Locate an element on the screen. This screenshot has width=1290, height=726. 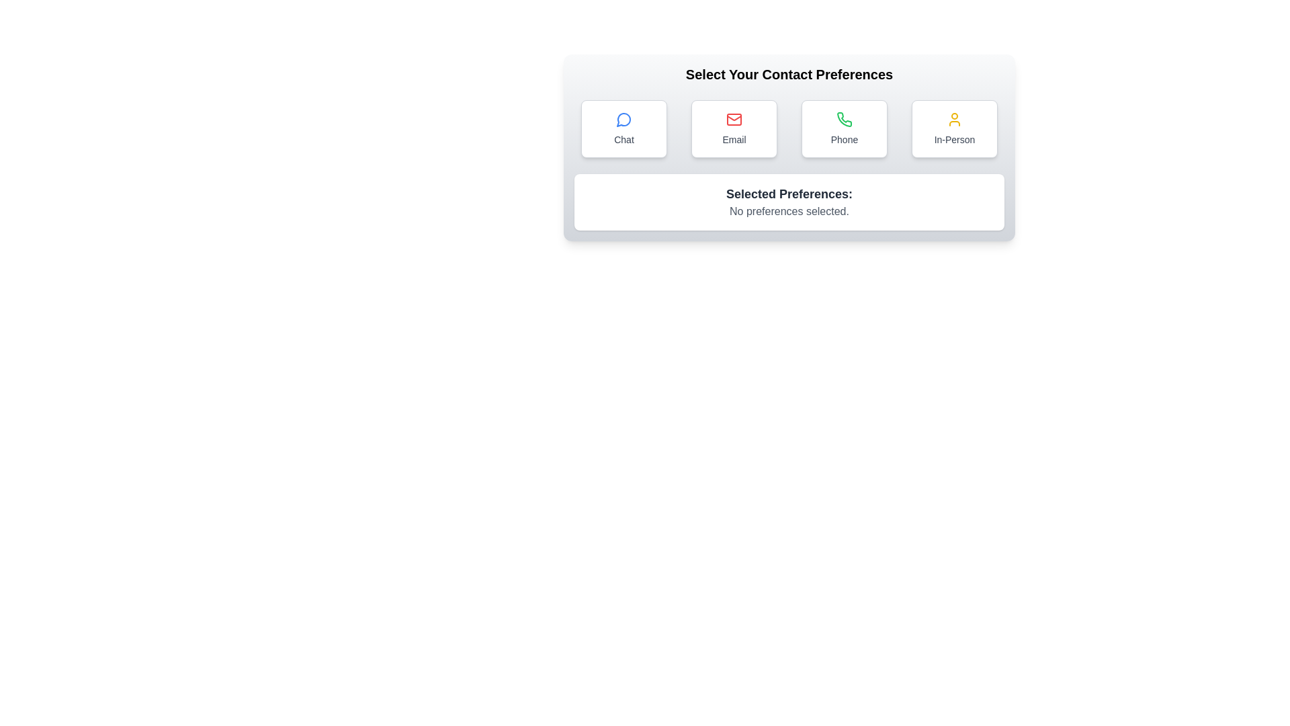
the Phone button to select the corresponding contact preference is located at coordinates (844, 129).